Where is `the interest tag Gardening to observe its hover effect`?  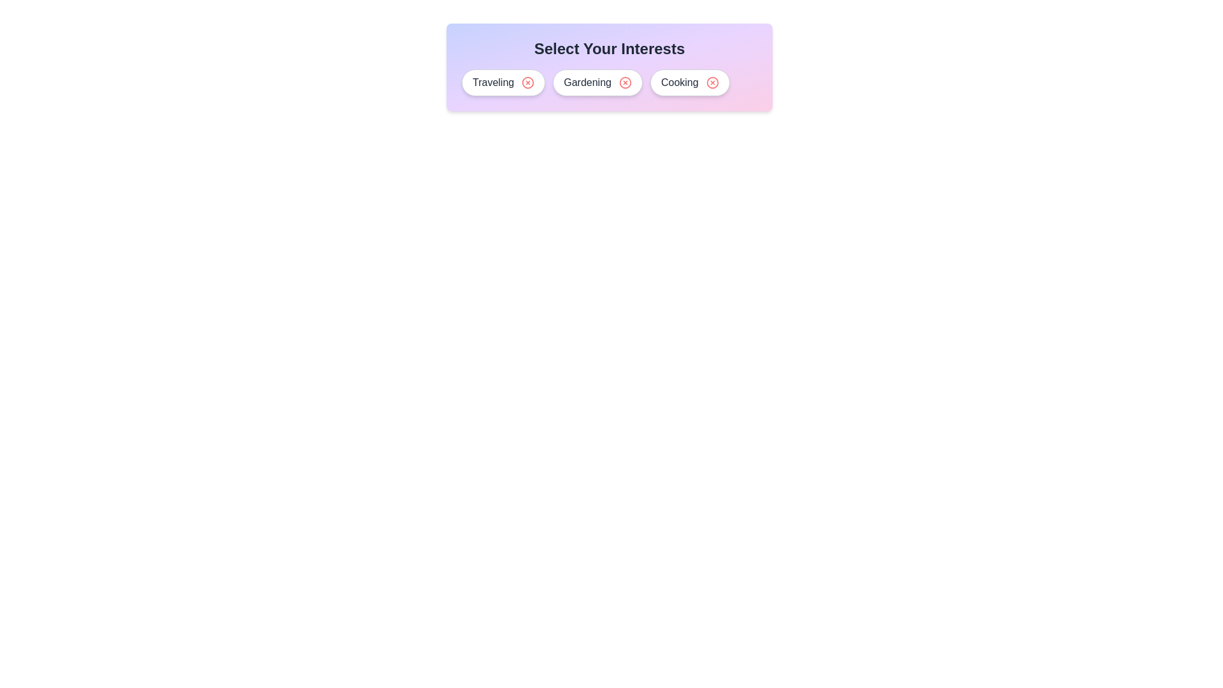
the interest tag Gardening to observe its hover effect is located at coordinates (596, 83).